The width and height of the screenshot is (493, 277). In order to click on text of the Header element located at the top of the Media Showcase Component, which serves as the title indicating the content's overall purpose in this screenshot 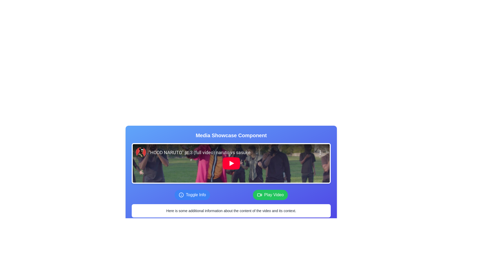, I will do `click(231, 135)`.